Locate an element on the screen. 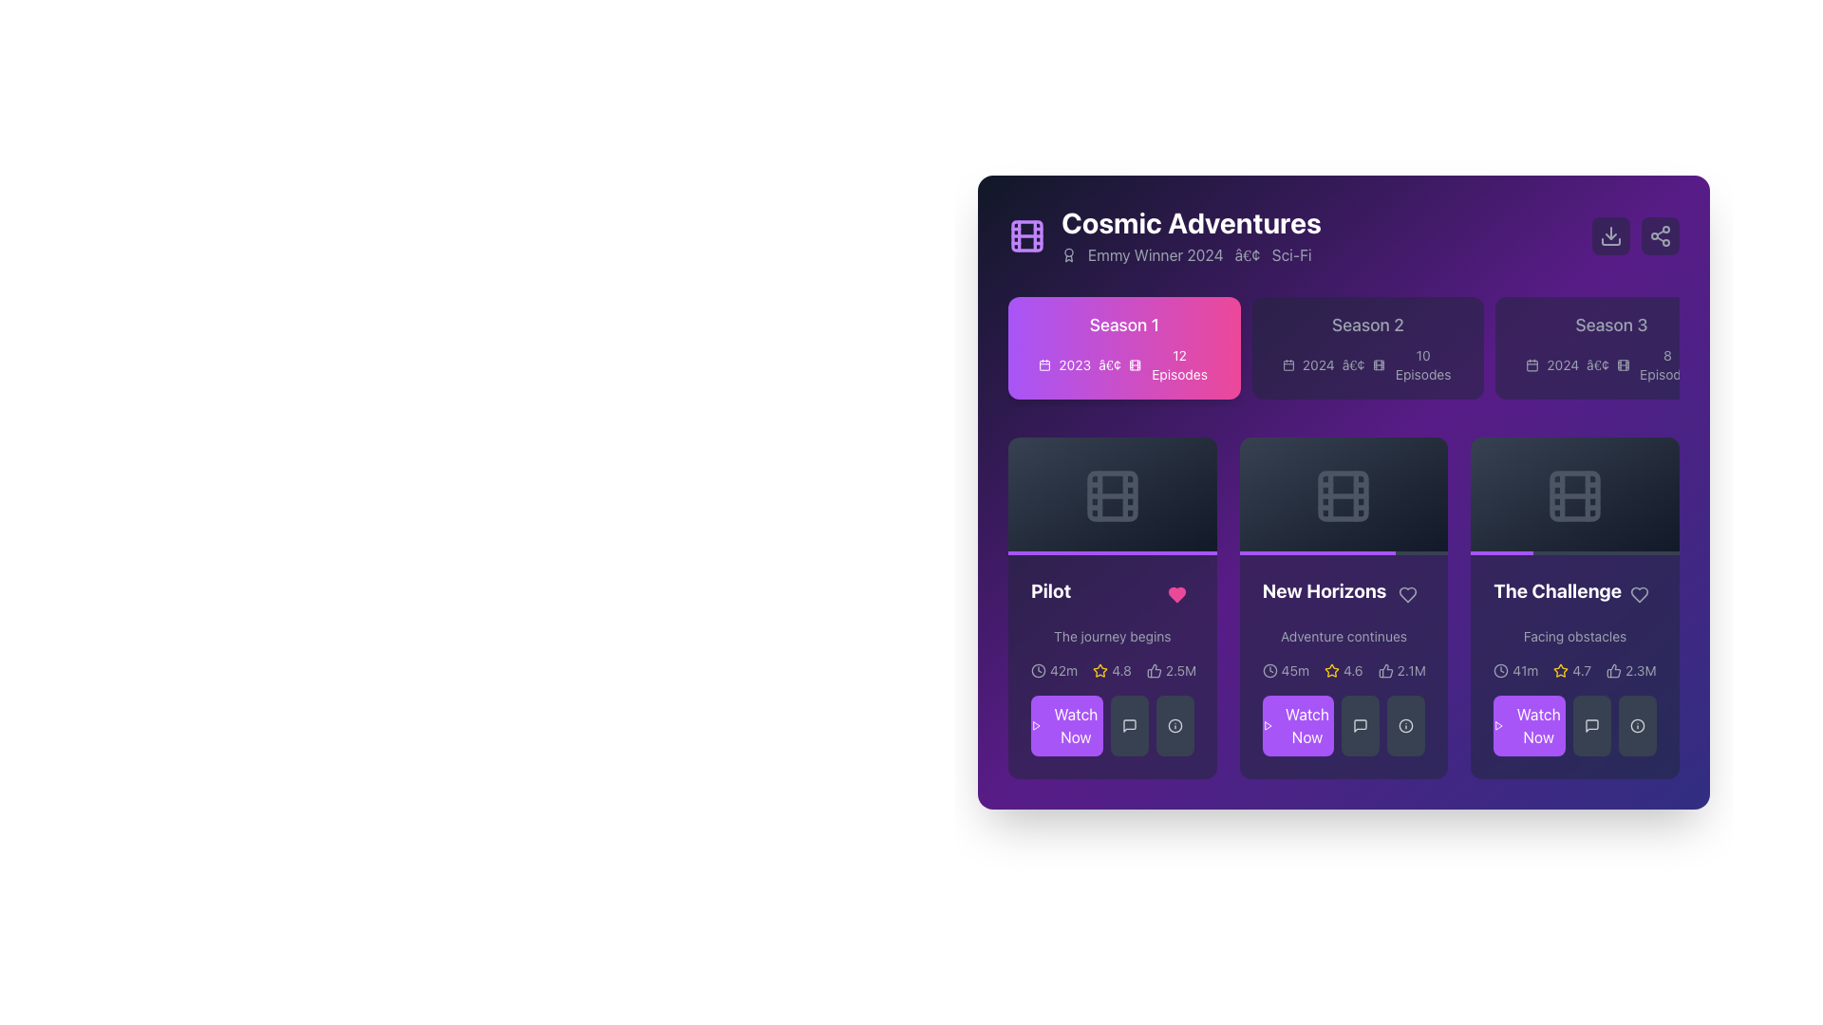  the download button located is located at coordinates (1635, 235).